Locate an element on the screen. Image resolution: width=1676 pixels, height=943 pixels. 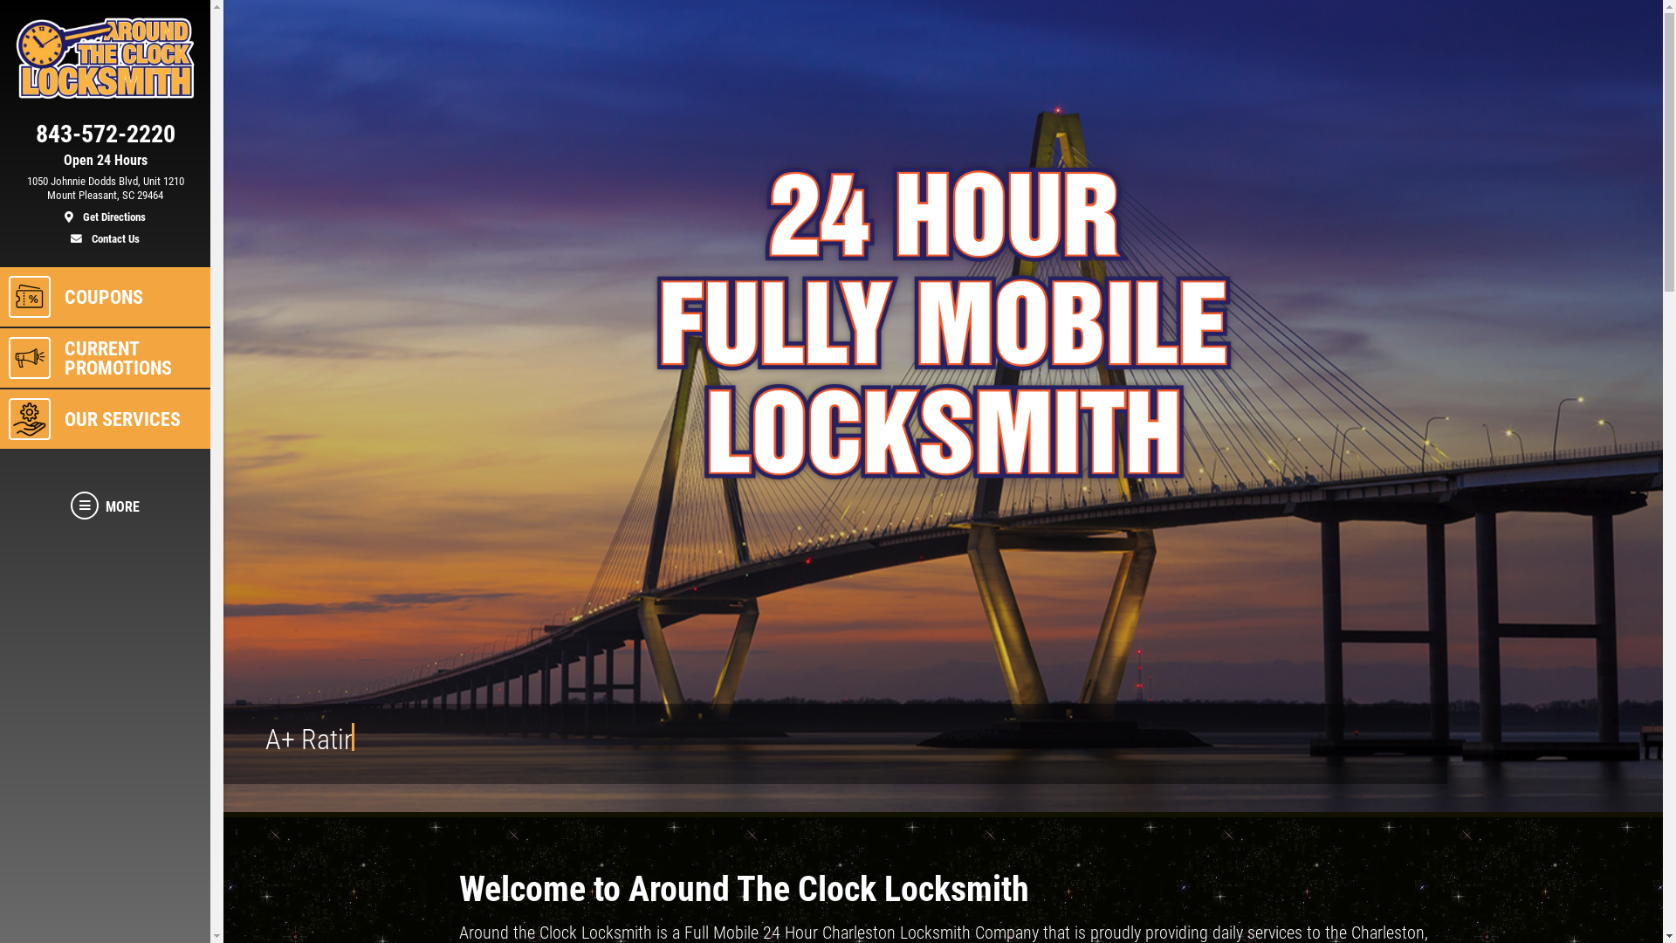
'CURRENT PROMOTIONS' is located at coordinates (104, 356).